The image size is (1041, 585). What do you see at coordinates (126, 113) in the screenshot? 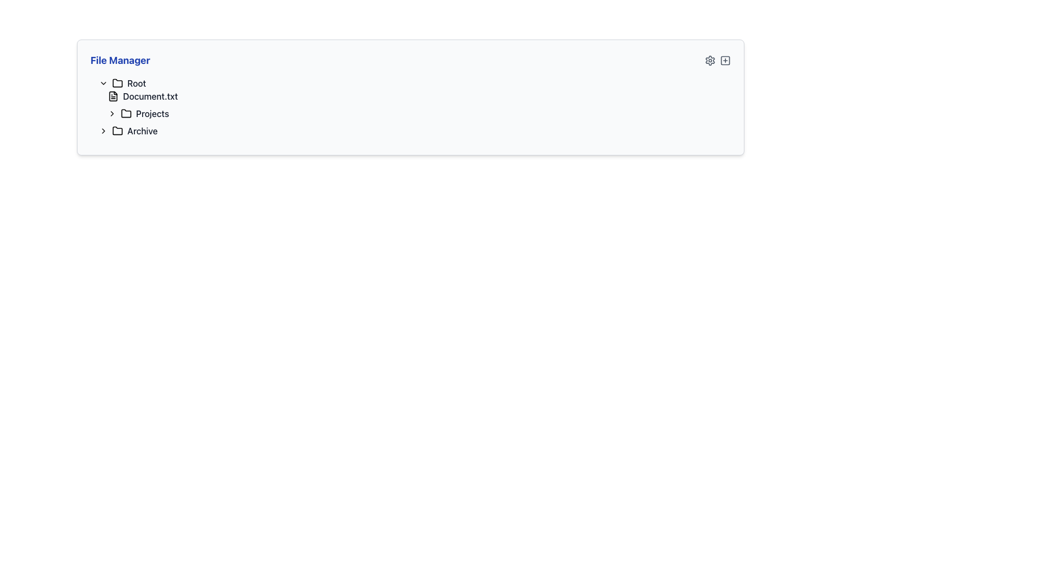
I see `the folder icon located to the left of the 'Projects' text label` at bounding box center [126, 113].